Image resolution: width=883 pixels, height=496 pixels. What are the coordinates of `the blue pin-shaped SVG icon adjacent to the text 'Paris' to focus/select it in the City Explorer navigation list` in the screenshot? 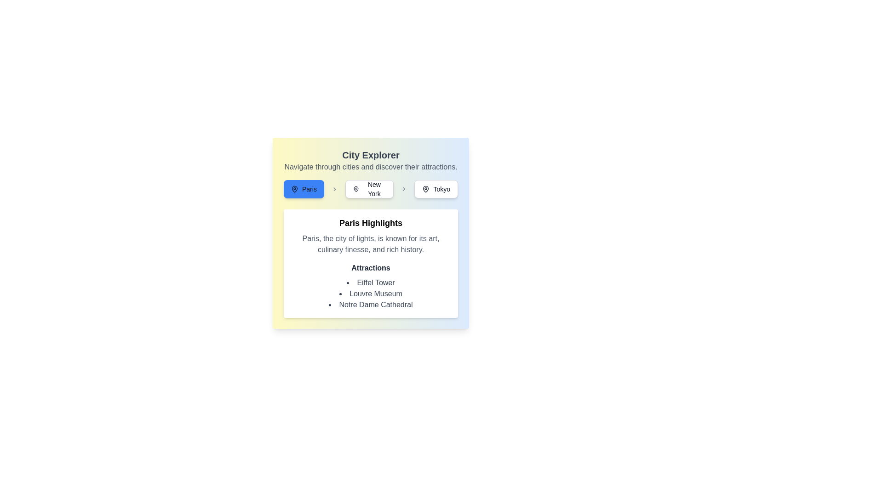 It's located at (295, 188).